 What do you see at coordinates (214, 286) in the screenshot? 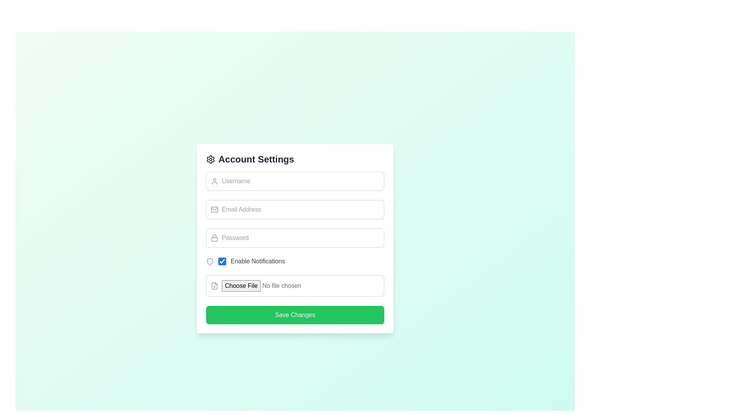
I see `the decorative icon associated with adding or uploading files, located to the left of the 'Choose File' button` at bounding box center [214, 286].